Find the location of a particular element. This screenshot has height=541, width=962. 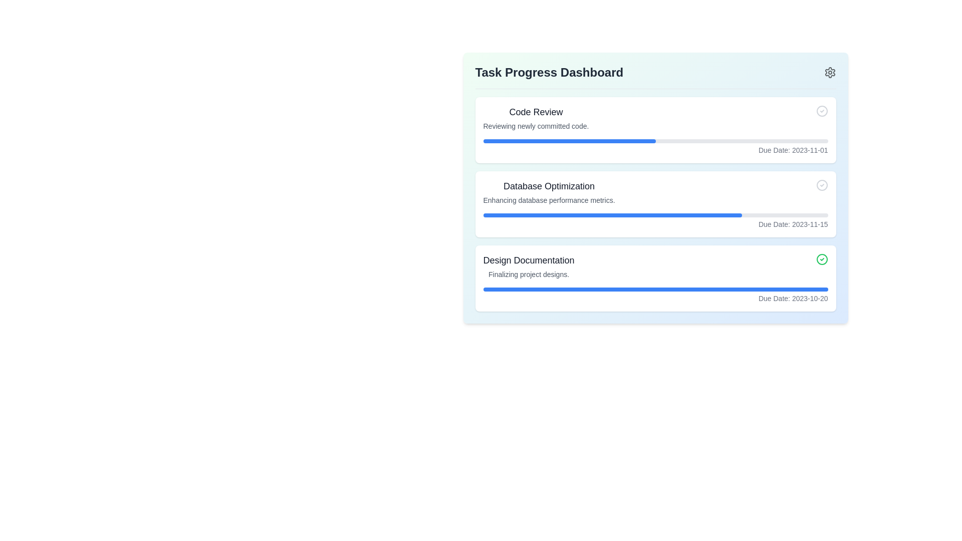

information in the text block labeled 'Code Review' that describes the task of reviewing newly committed code, located in the top-left quadrant of the 'Task Progress Dashboard' is located at coordinates (536, 117).